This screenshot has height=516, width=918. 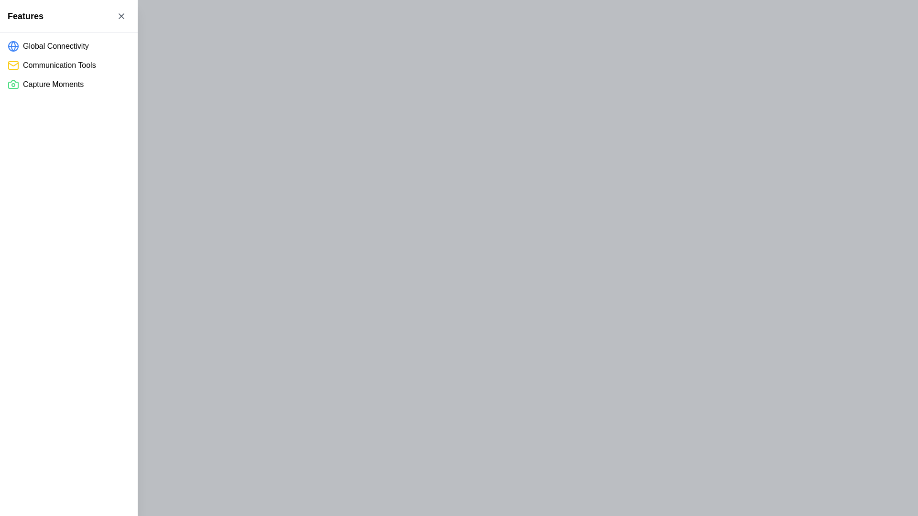 I want to click on the icon indicator for the 'Communication Tools' category, which is positioned to the far left of the text 'Communication Tools', so click(x=13, y=65).